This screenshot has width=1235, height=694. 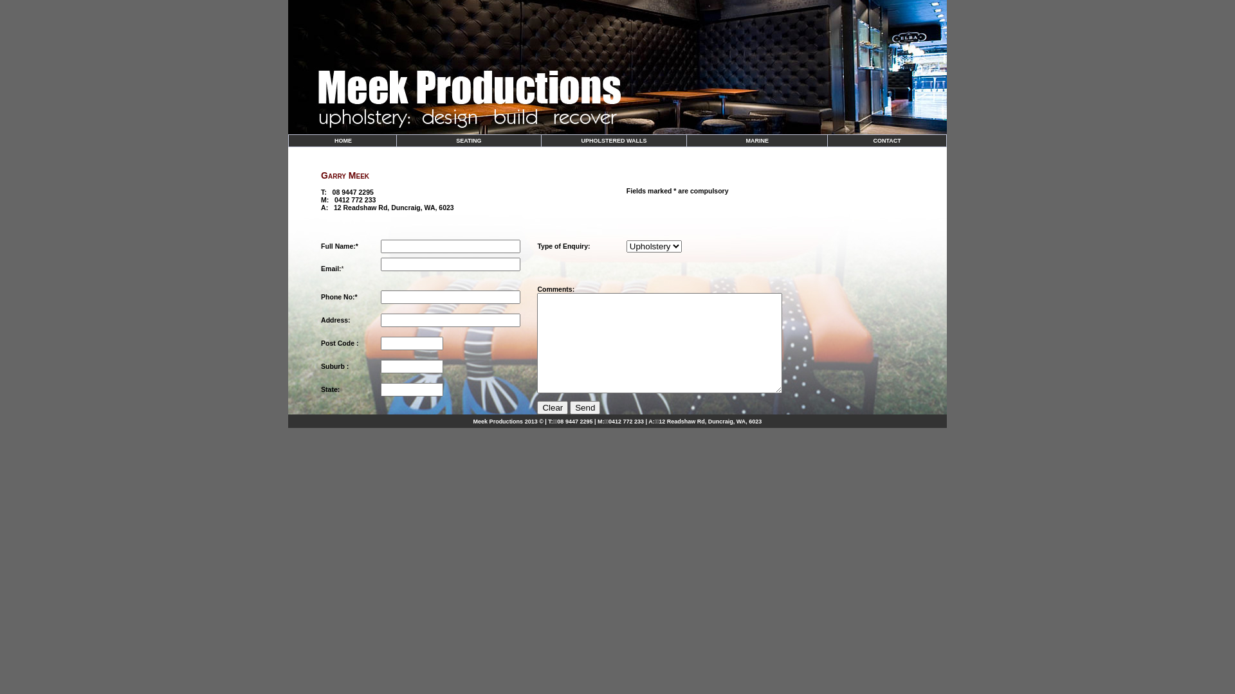 What do you see at coordinates (450, 263) in the screenshot?
I see `'Enter your email address'` at bounding box center [450, 263].